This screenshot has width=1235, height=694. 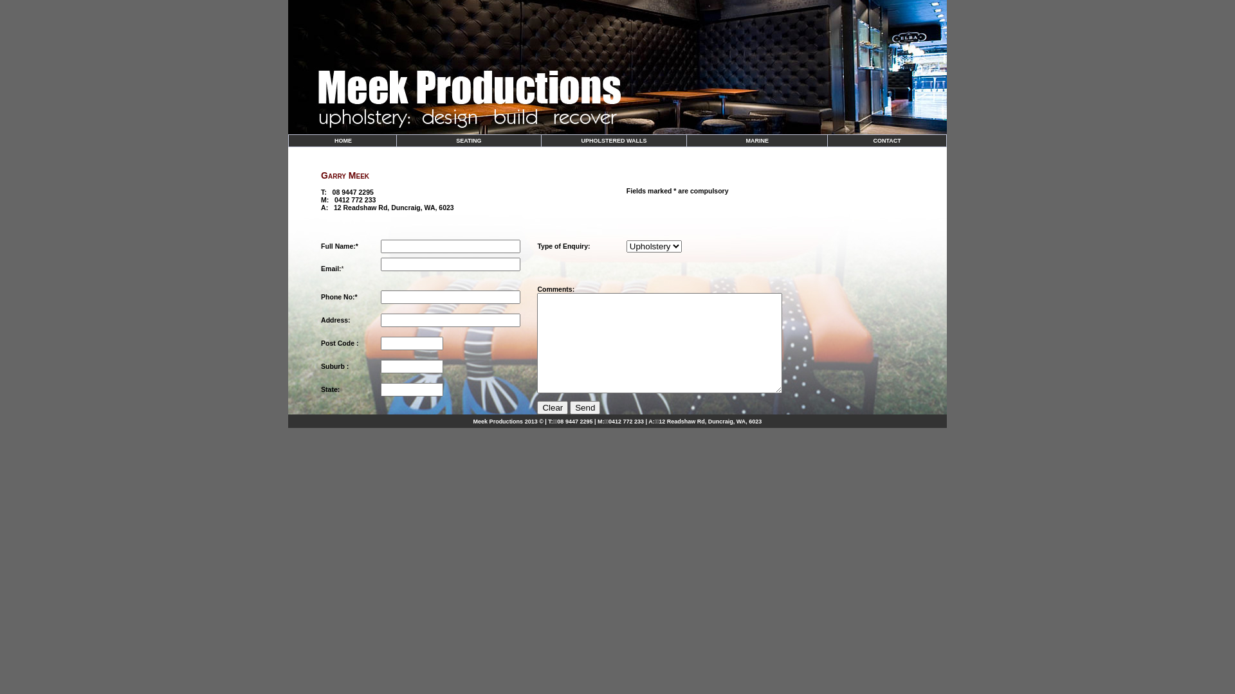 What do you see at coordinates (450, 263) in the screenshot?
I see `'Enter your email address'` at bounding box center [450, 263].